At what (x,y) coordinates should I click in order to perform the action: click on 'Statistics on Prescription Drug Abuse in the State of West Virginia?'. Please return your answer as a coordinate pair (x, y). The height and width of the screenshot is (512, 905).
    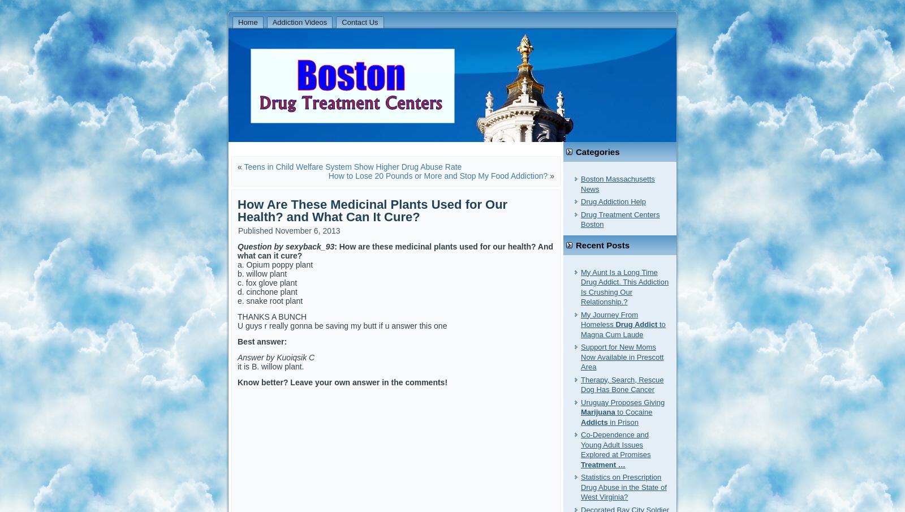
    Looking at the image, I should click on (623, 487).